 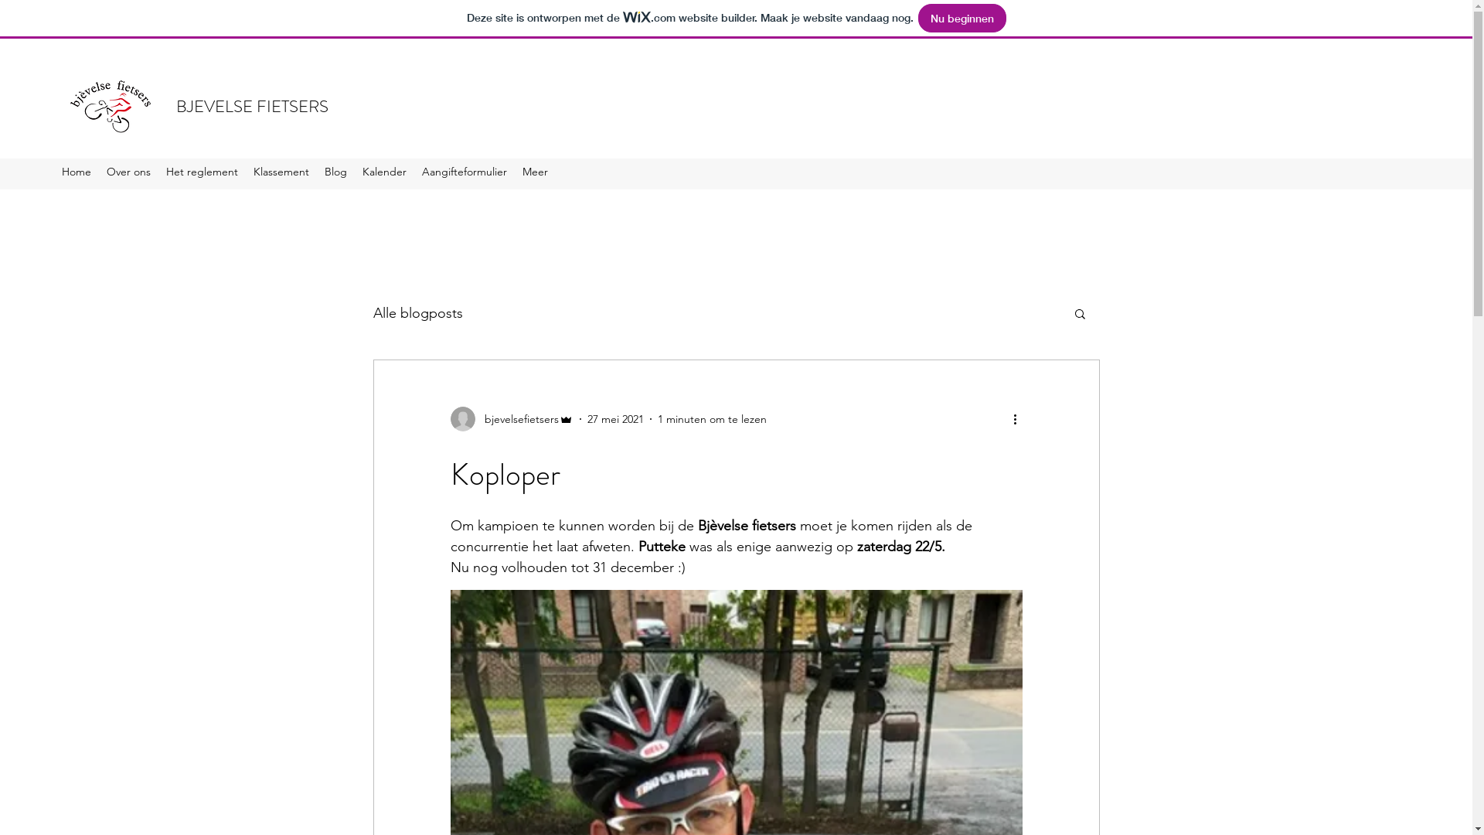 I want to click on 'BJEVELSE FIETSERS', so click(x=252, y=105).